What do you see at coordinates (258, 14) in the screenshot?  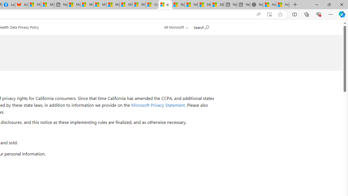 I see `'Read aloud this page (Ctrl+Shift+U)'` at bounding box center [258, 14].